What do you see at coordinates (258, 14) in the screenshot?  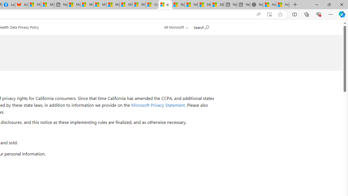 I see `'Read aloud this page (Ctrl+Shift+U)'` at bounding box center [258, 14].